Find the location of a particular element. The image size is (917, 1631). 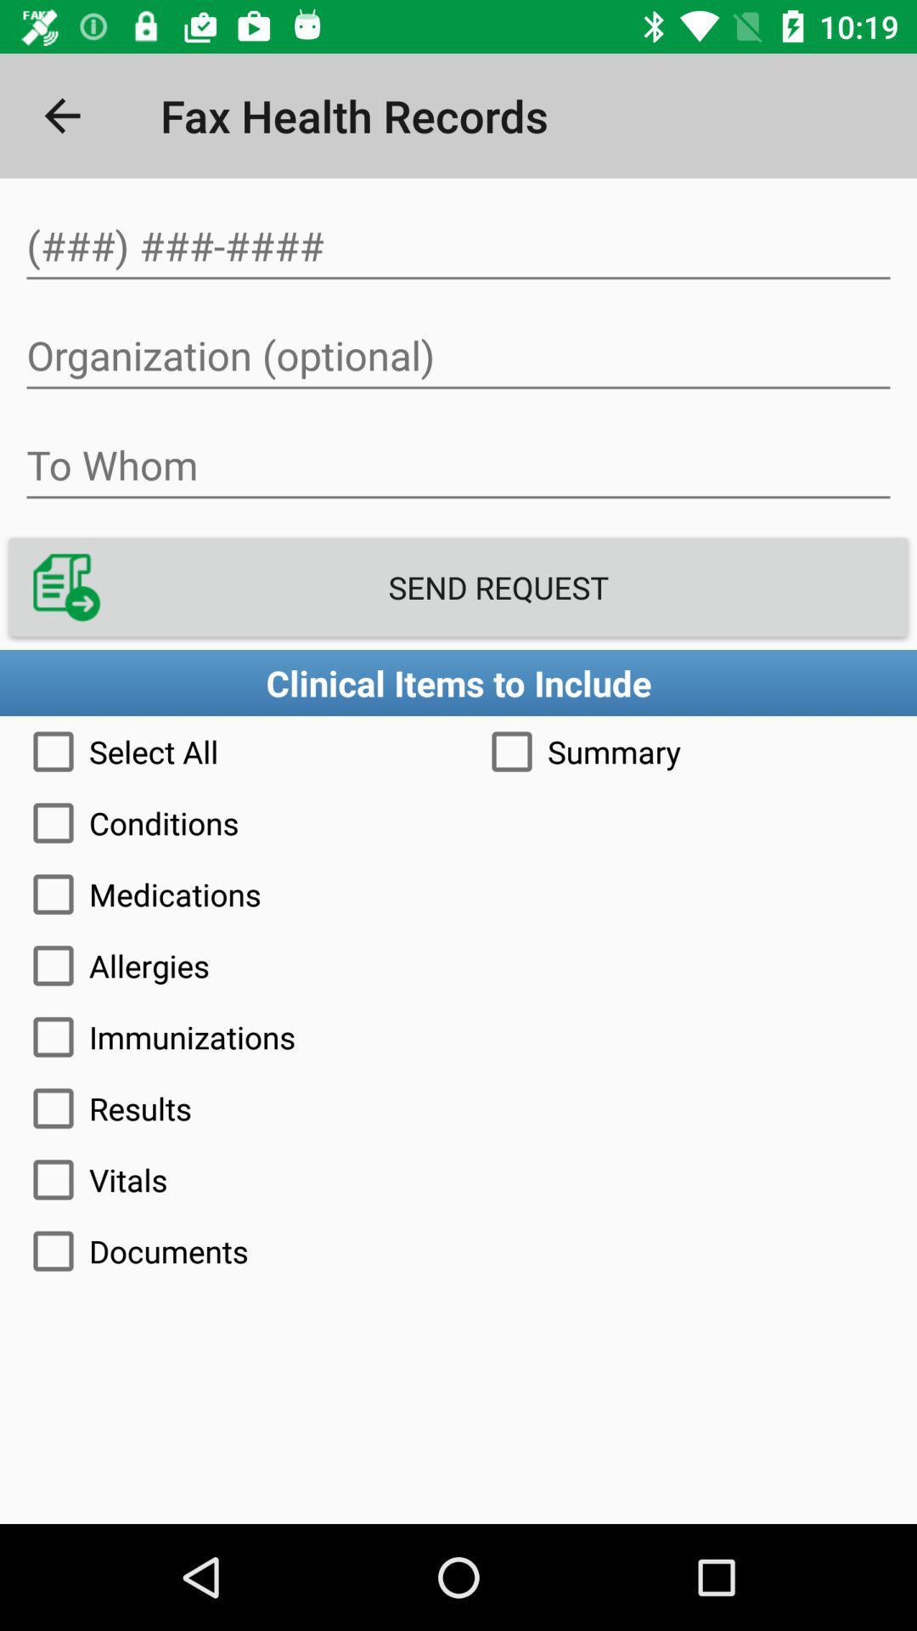

the item below the immunizations is located at coordinates (458, 1109).